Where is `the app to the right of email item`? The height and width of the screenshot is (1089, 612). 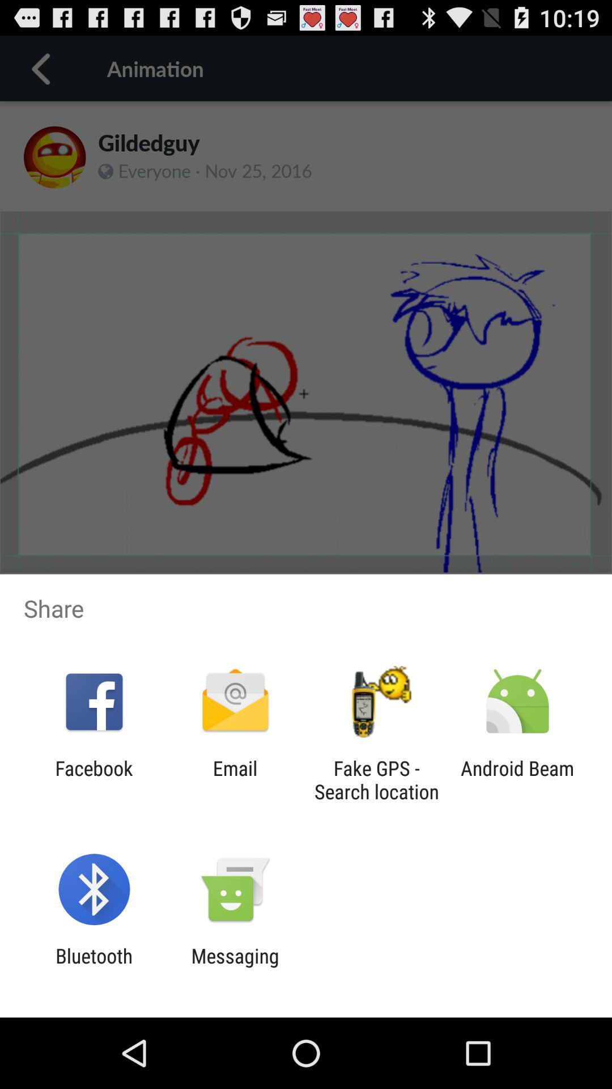
the app to the right of email item is located at coordinates (376, 779).